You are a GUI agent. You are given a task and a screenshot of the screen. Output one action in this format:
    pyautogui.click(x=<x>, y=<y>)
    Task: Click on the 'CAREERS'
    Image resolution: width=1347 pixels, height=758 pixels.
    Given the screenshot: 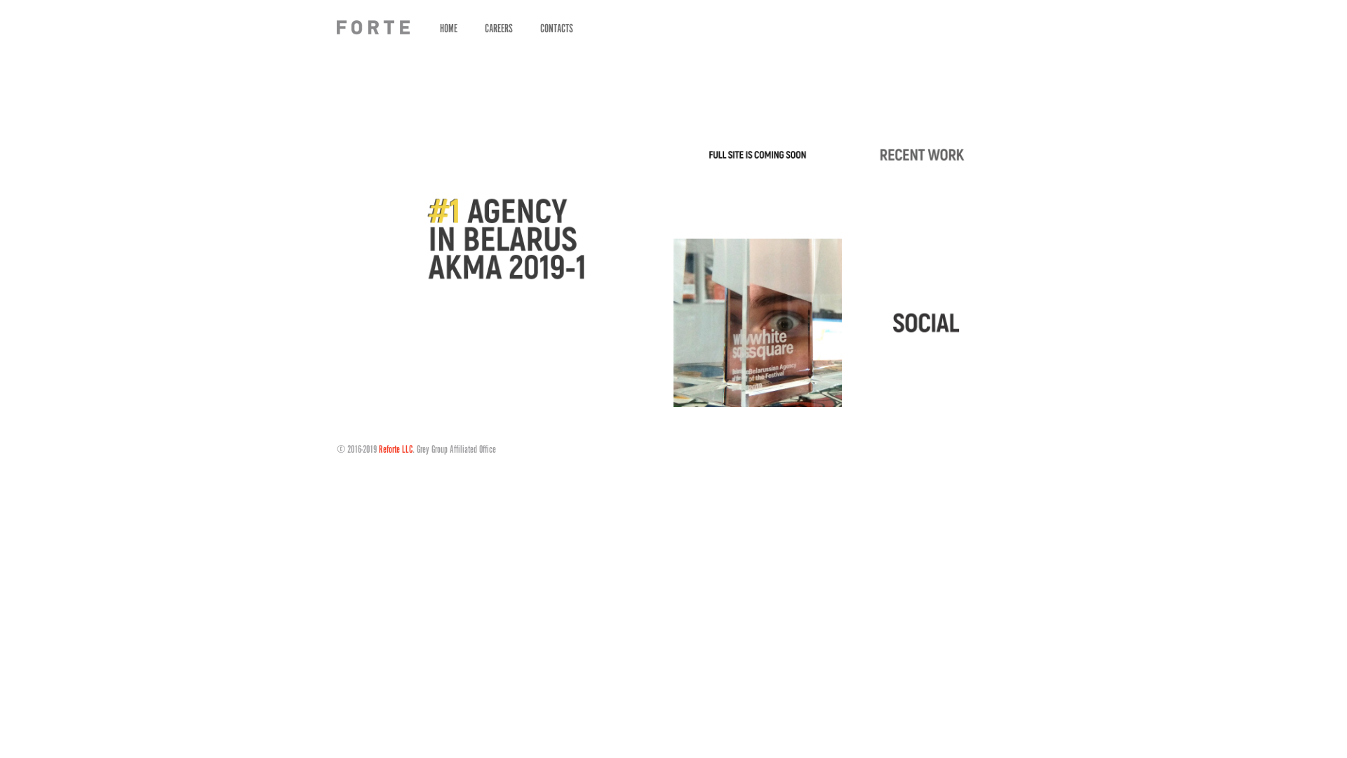 What is the action you would take?
    pyautogui.click(x=498, y=27)
    